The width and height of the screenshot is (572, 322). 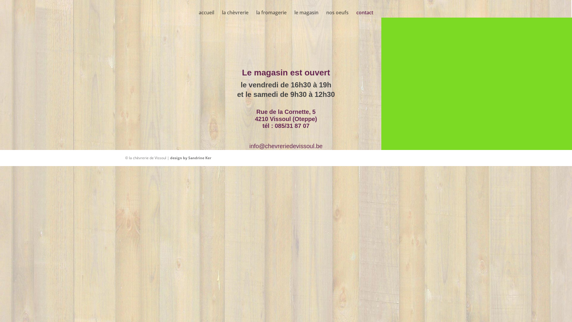 What do you see at coordinates (256, 14) in the screenshot?
I see `'la fromagerie'` at bounding box center [256, 14].